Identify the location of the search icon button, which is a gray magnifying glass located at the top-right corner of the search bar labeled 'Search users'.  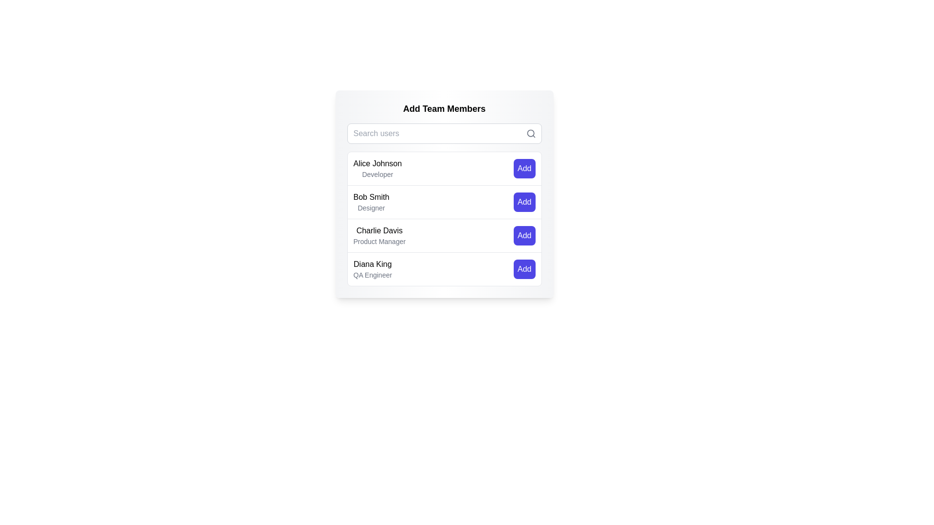
(530, 133).